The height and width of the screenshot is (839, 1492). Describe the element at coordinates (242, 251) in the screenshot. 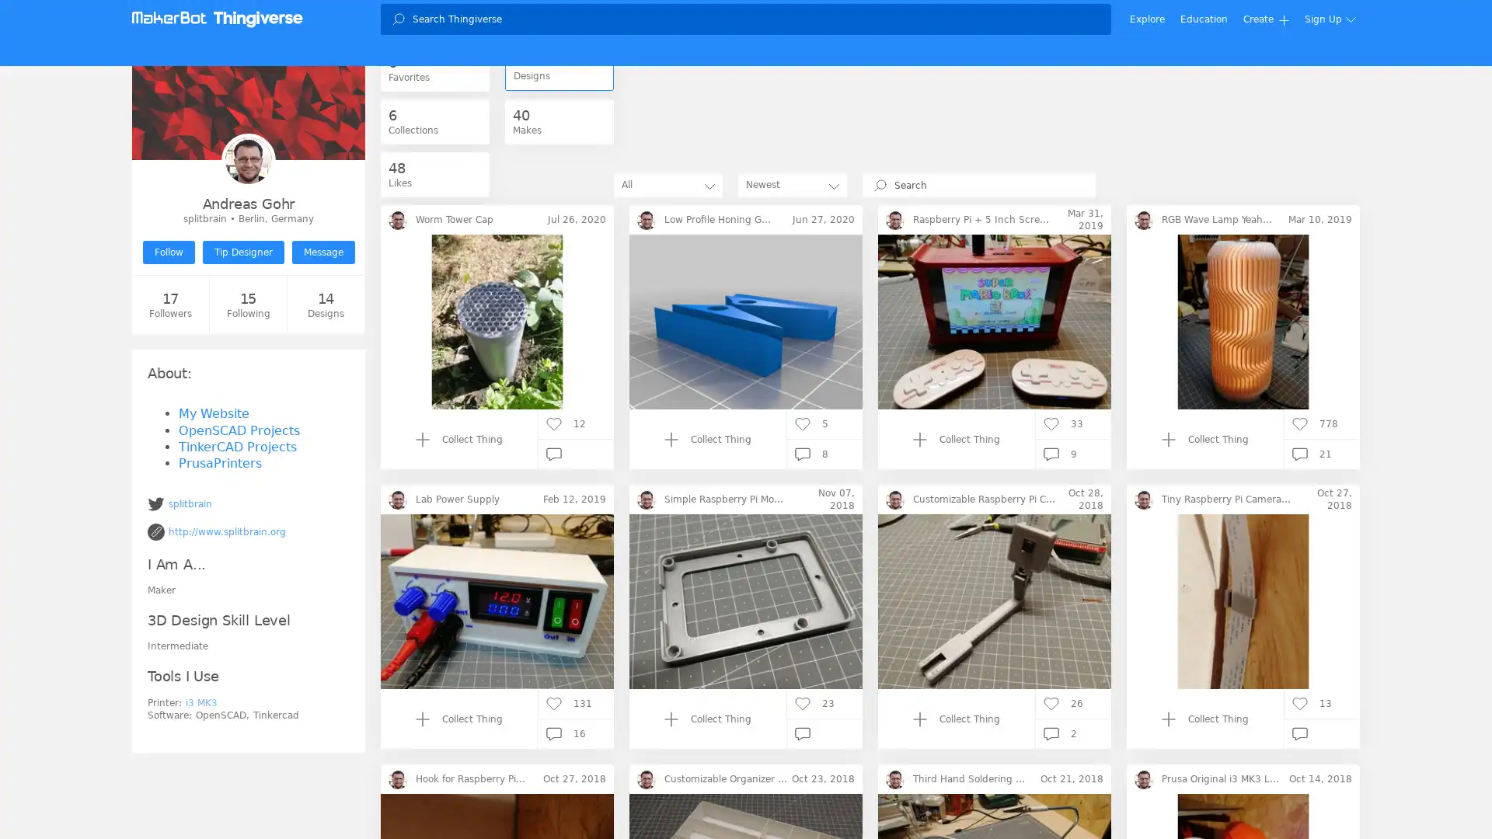

I see `Tip Designer` at that location.